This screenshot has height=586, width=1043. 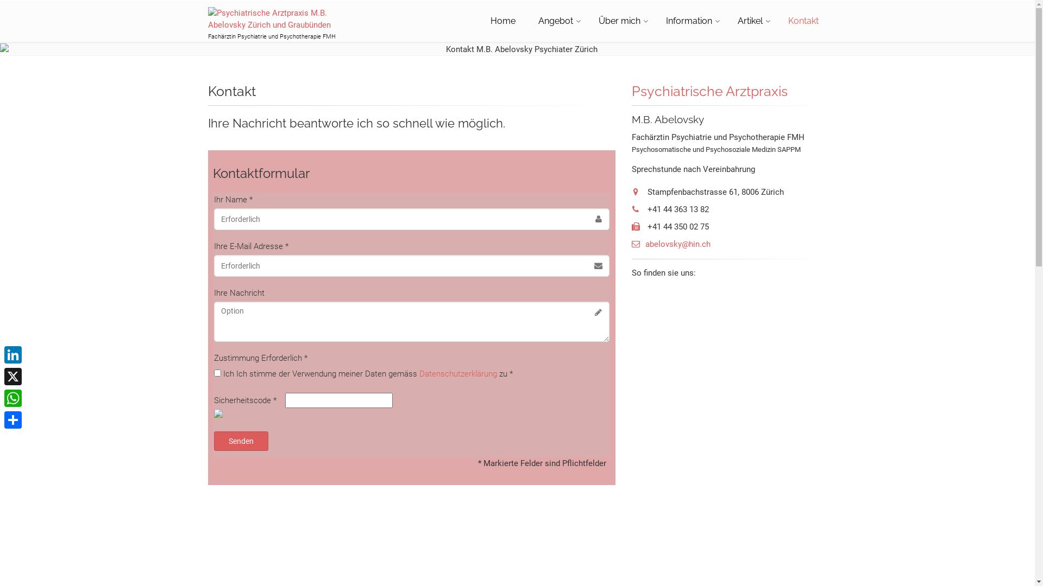 I want to click on 'X', so click(x=13, y=376).